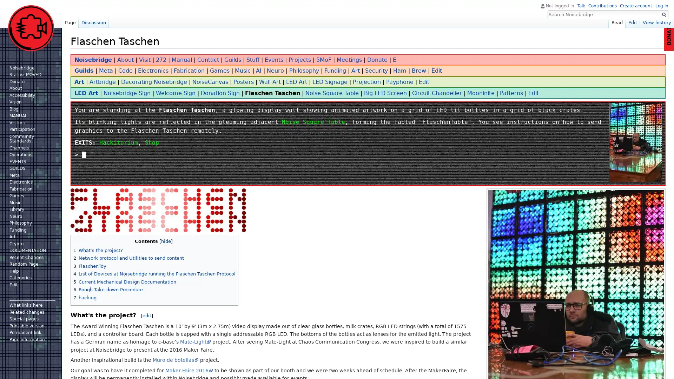  I want to click on hide, so click(165, 241).